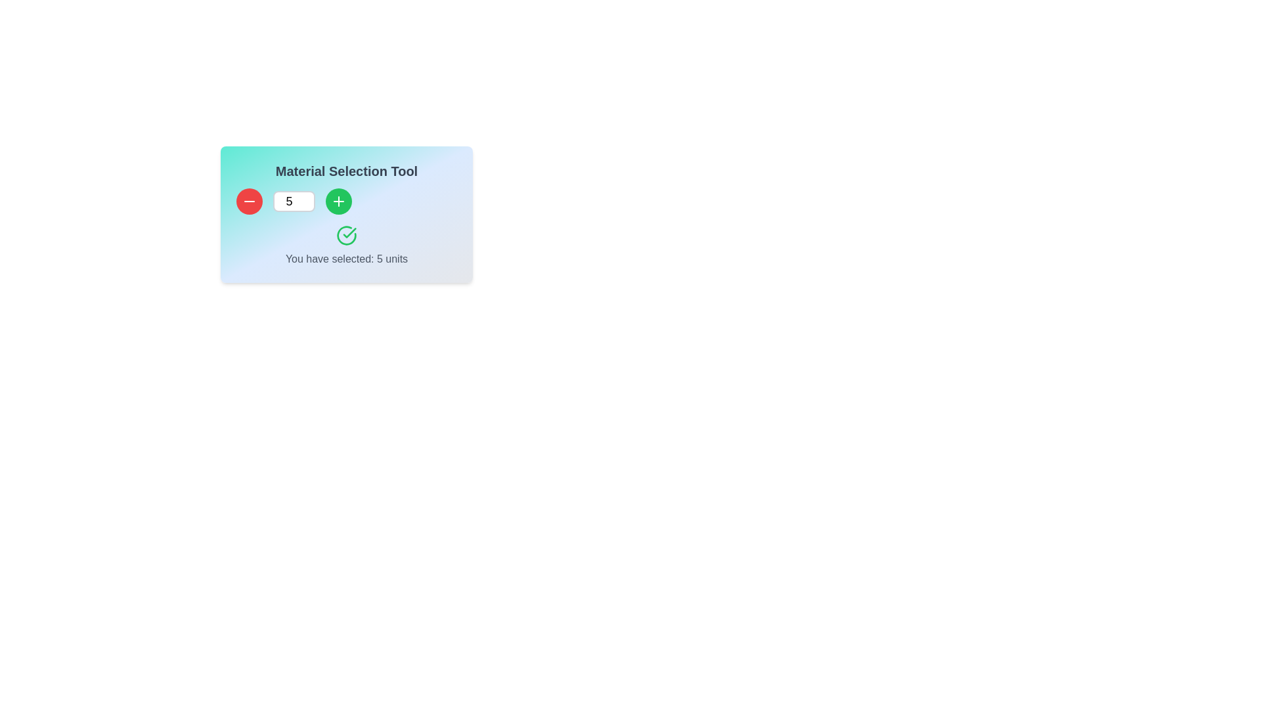  I want to click on the static text heading for the 'Material Selection Tool' interface, which serves as the title for the surrounding UI elements, so click(347, 171).